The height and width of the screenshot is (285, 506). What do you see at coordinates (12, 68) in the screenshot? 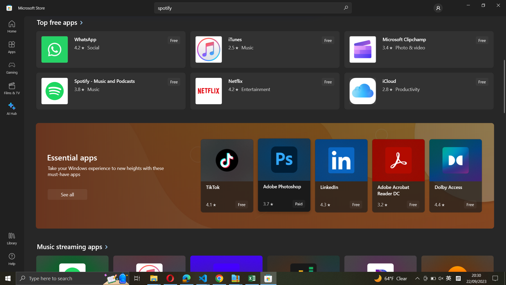
I see `Gaming Interface` at bounding box center [12, 68].